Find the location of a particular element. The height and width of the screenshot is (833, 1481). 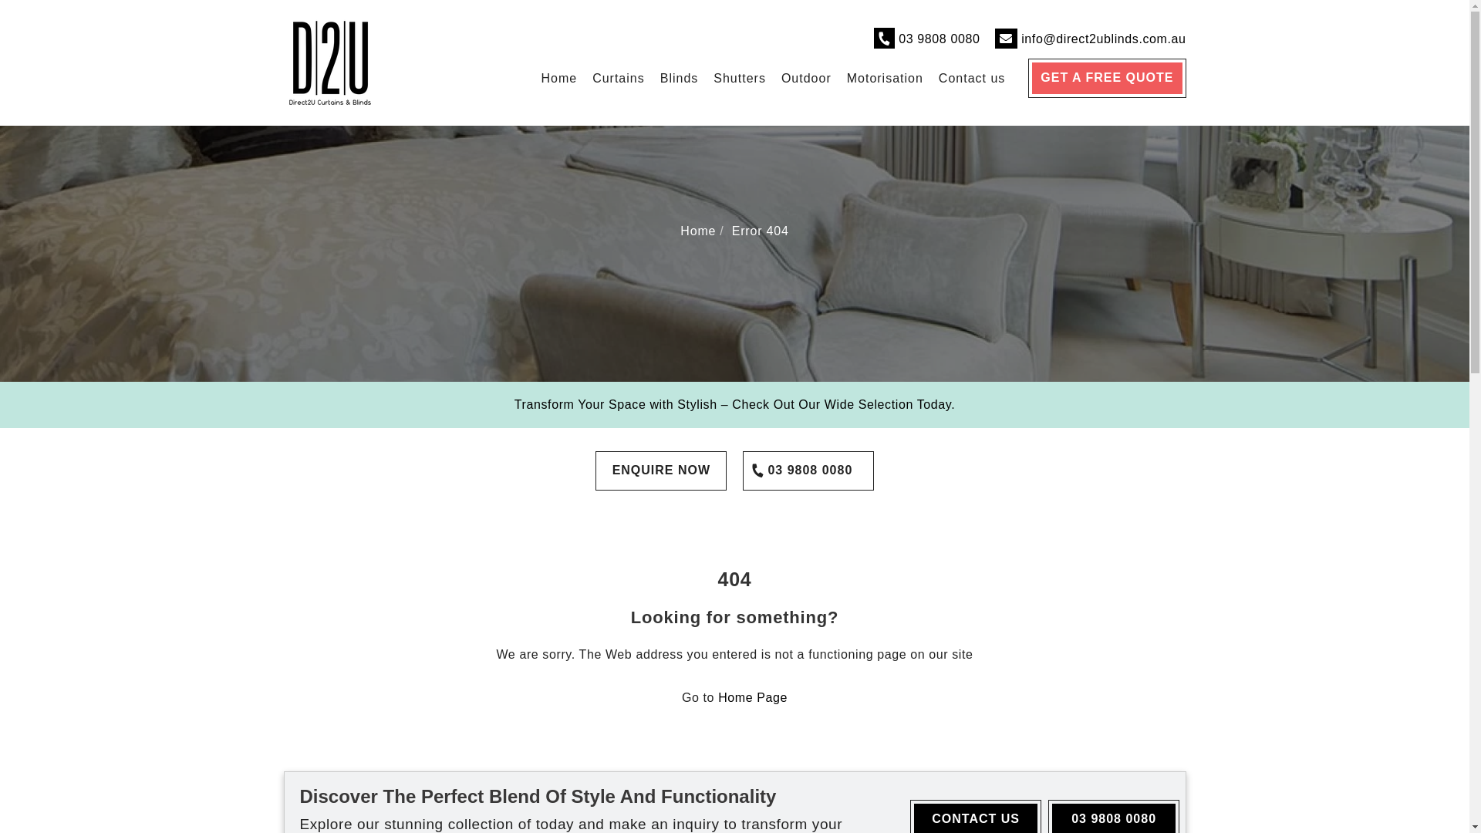

'info@direct2ublinds.com.au' is located at coordinates (1021, 38).